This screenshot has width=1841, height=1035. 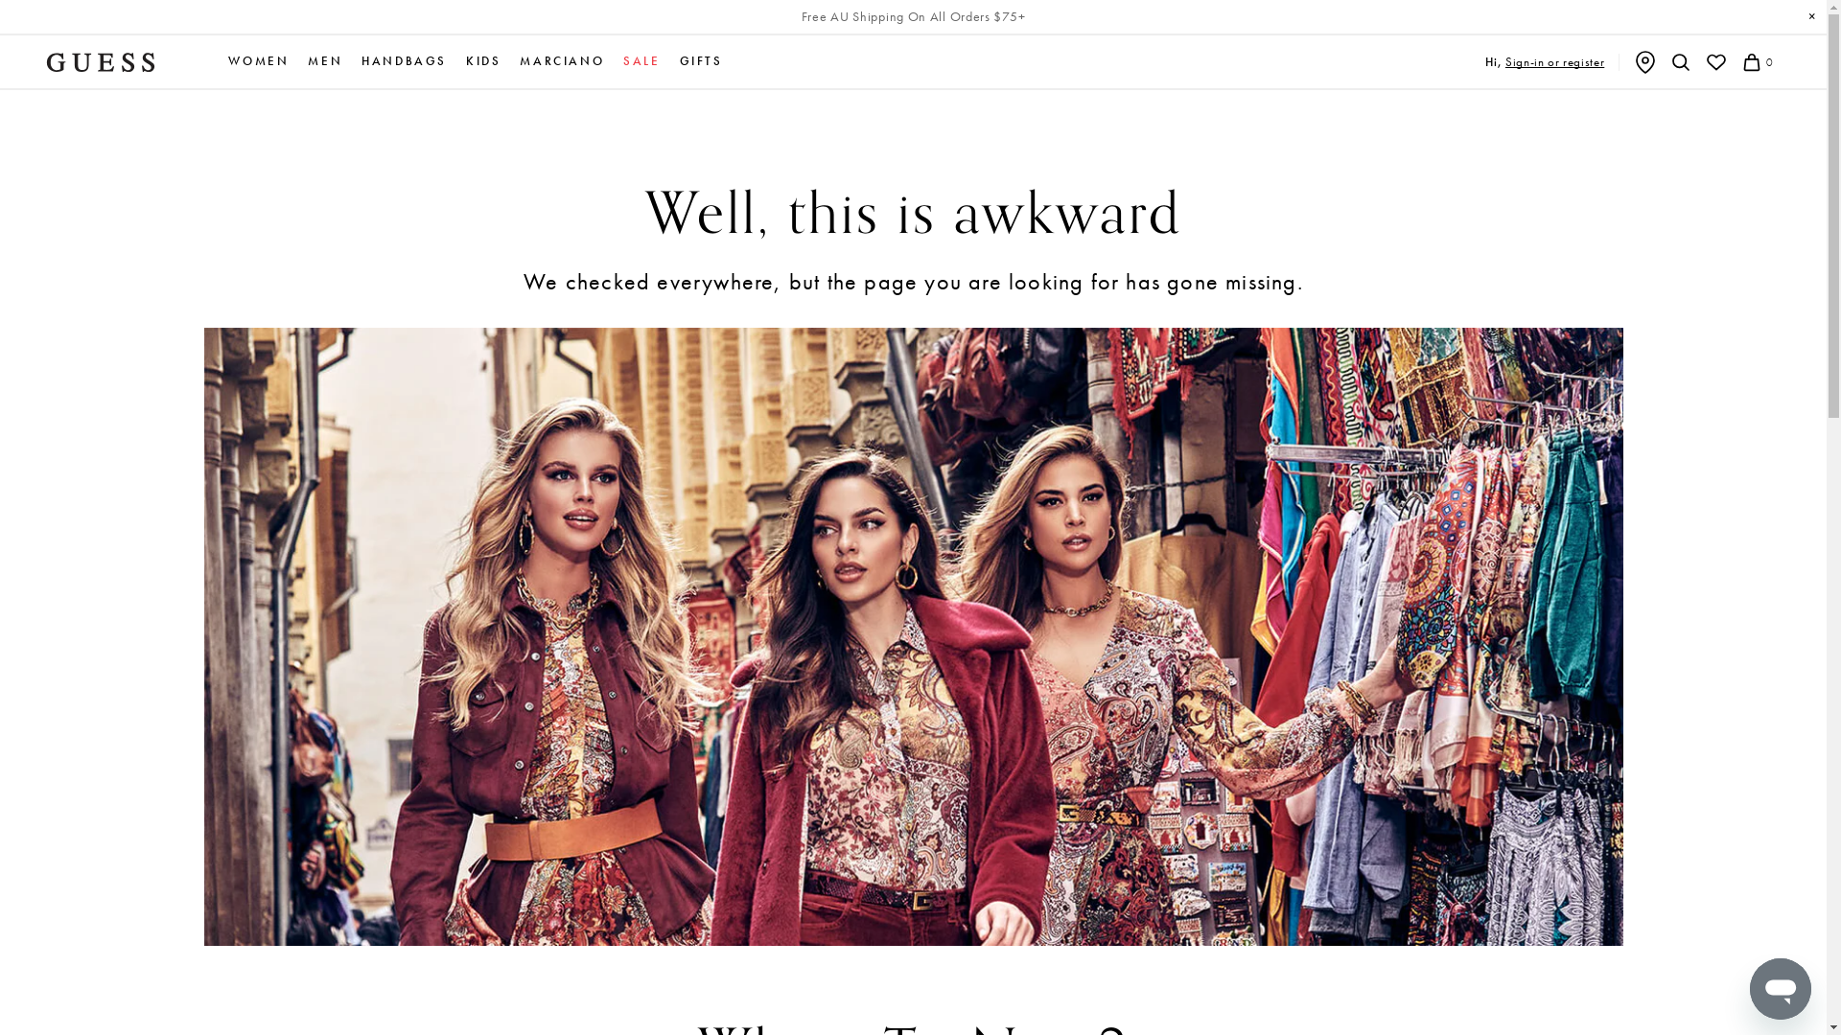 I want to click on '0', so click(x=1739, y=61).